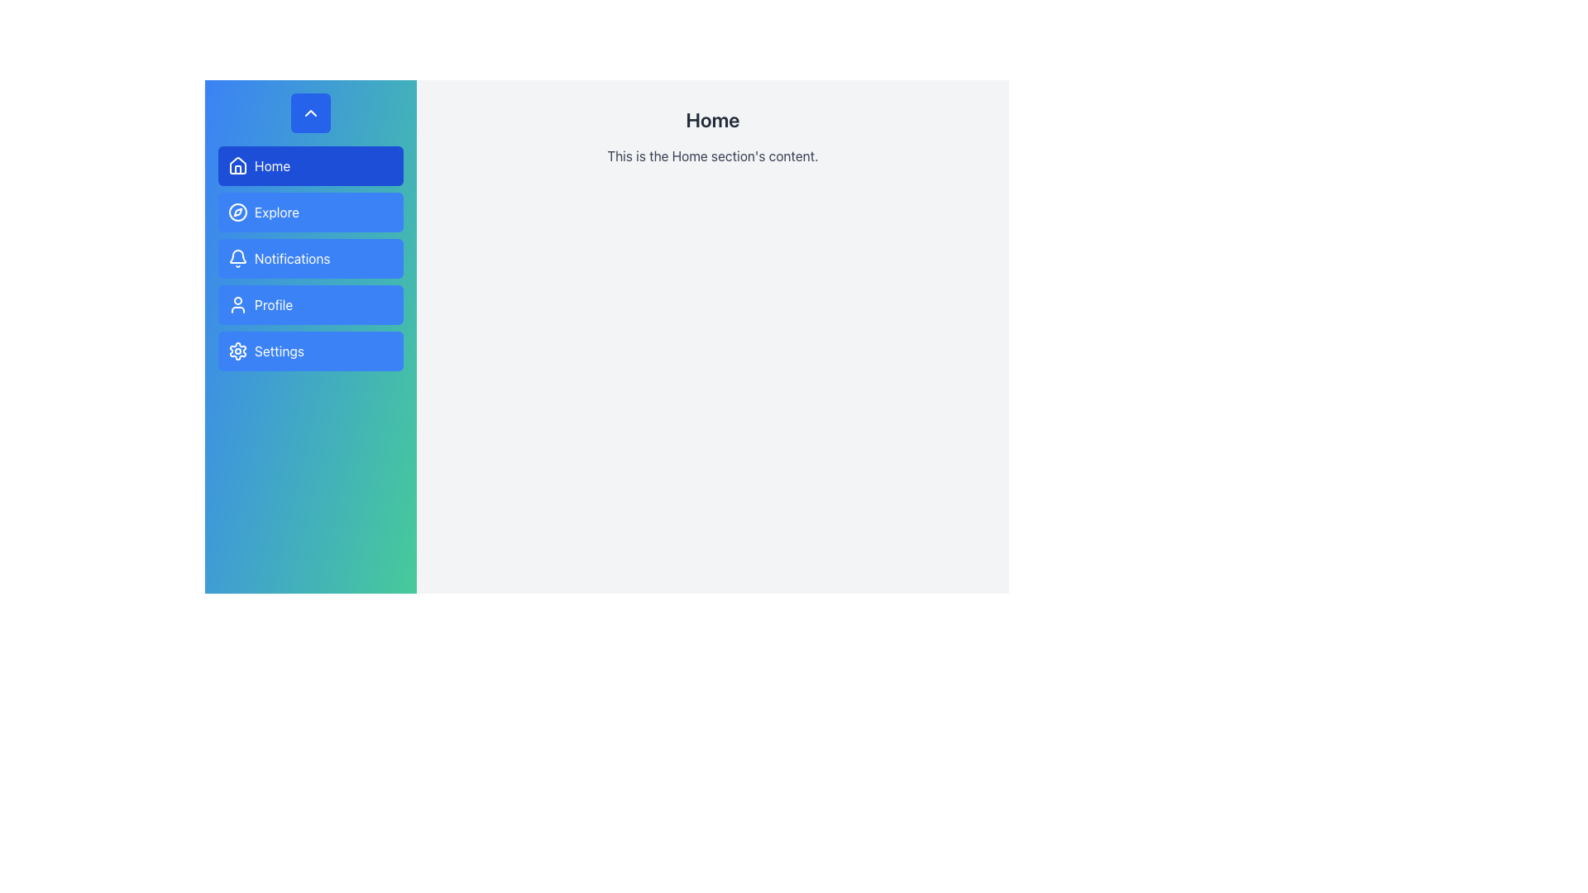 The width and height of the screenshot is (1588, 893). I want to click on the 'Home' icon located in the navigation menu, which is represented by a blue rectangle and aligned with the text label 'Home', so click(237, 165).